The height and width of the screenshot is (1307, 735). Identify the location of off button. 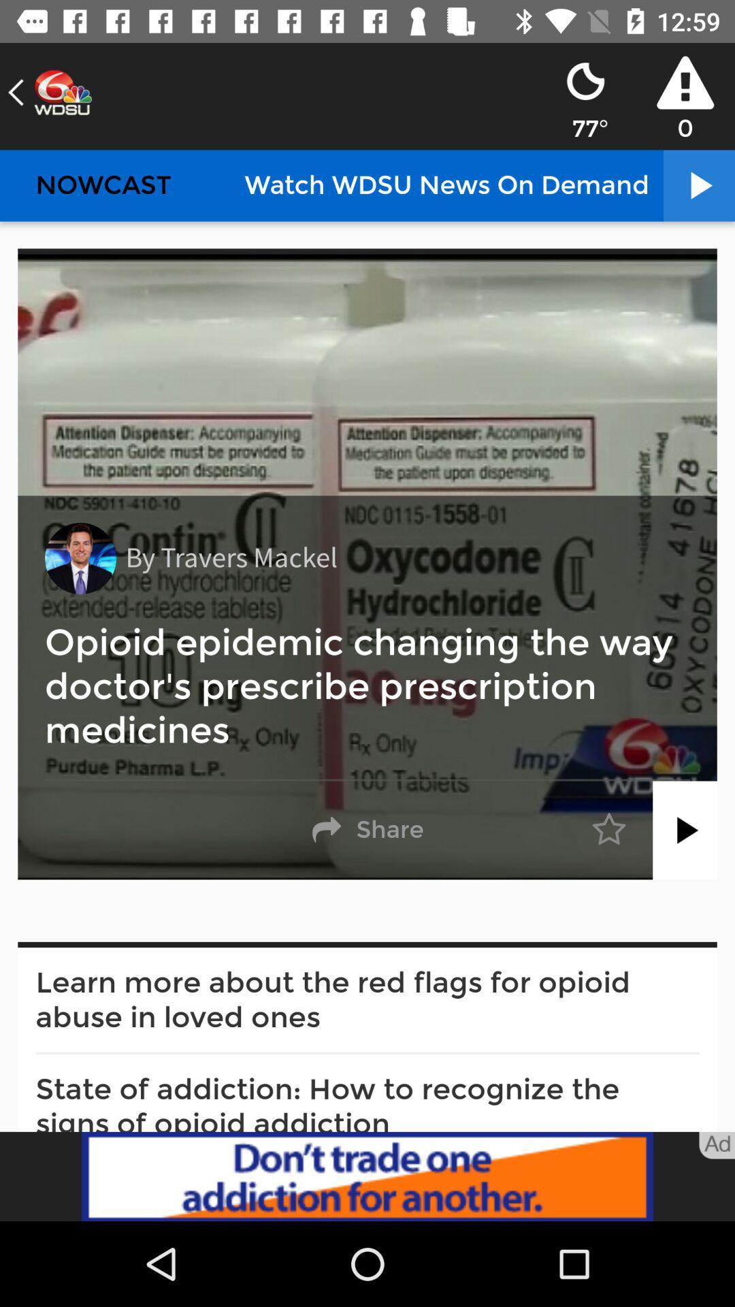
(685, 829).